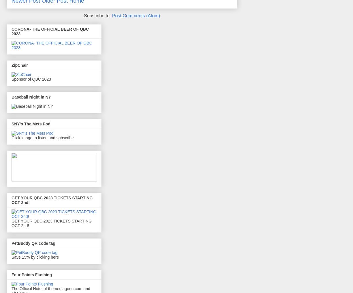 The image size is (353, 293). Describe the element at coordinates (136, 15) in the screenshot. I see `'Post Comments (Atom)'` at that location.